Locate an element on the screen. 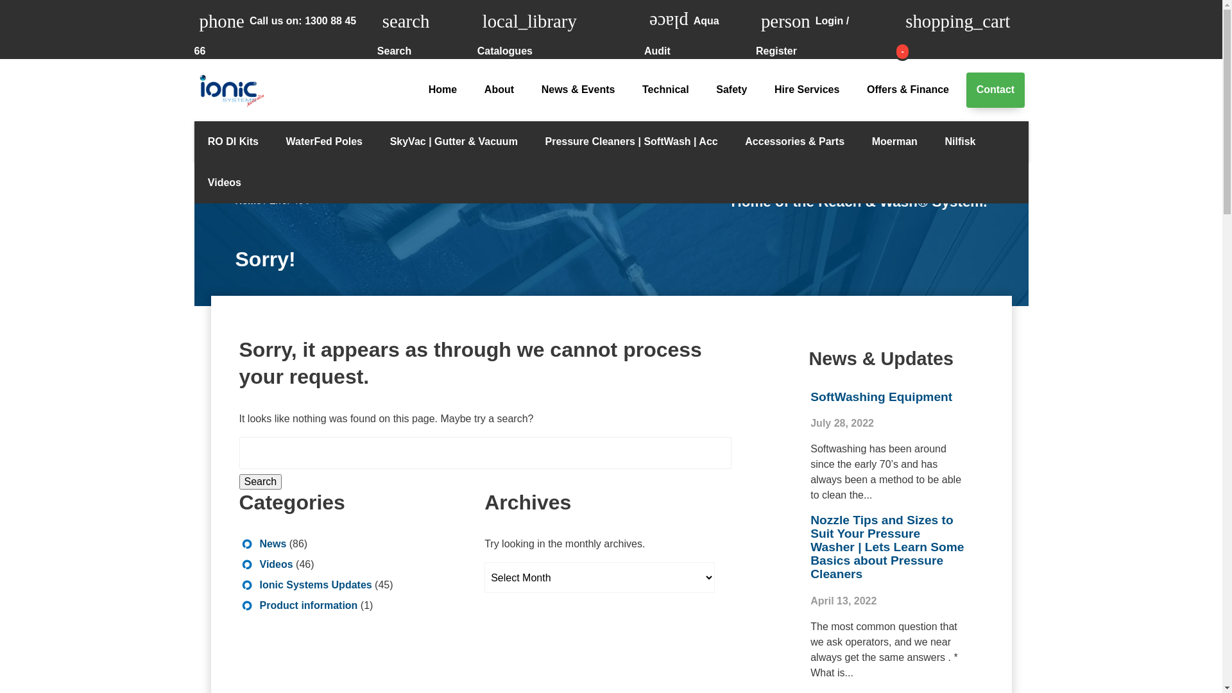  'personLogin / Register' is located at coordinates (755, 29).